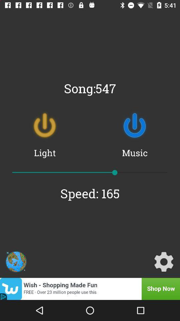 The width and height of the screenshot is (180, 321). What do you see at coordinates (16, 261) in the screenshot?
I see `item at the bottom left corner` at bounding box center [16, 261].